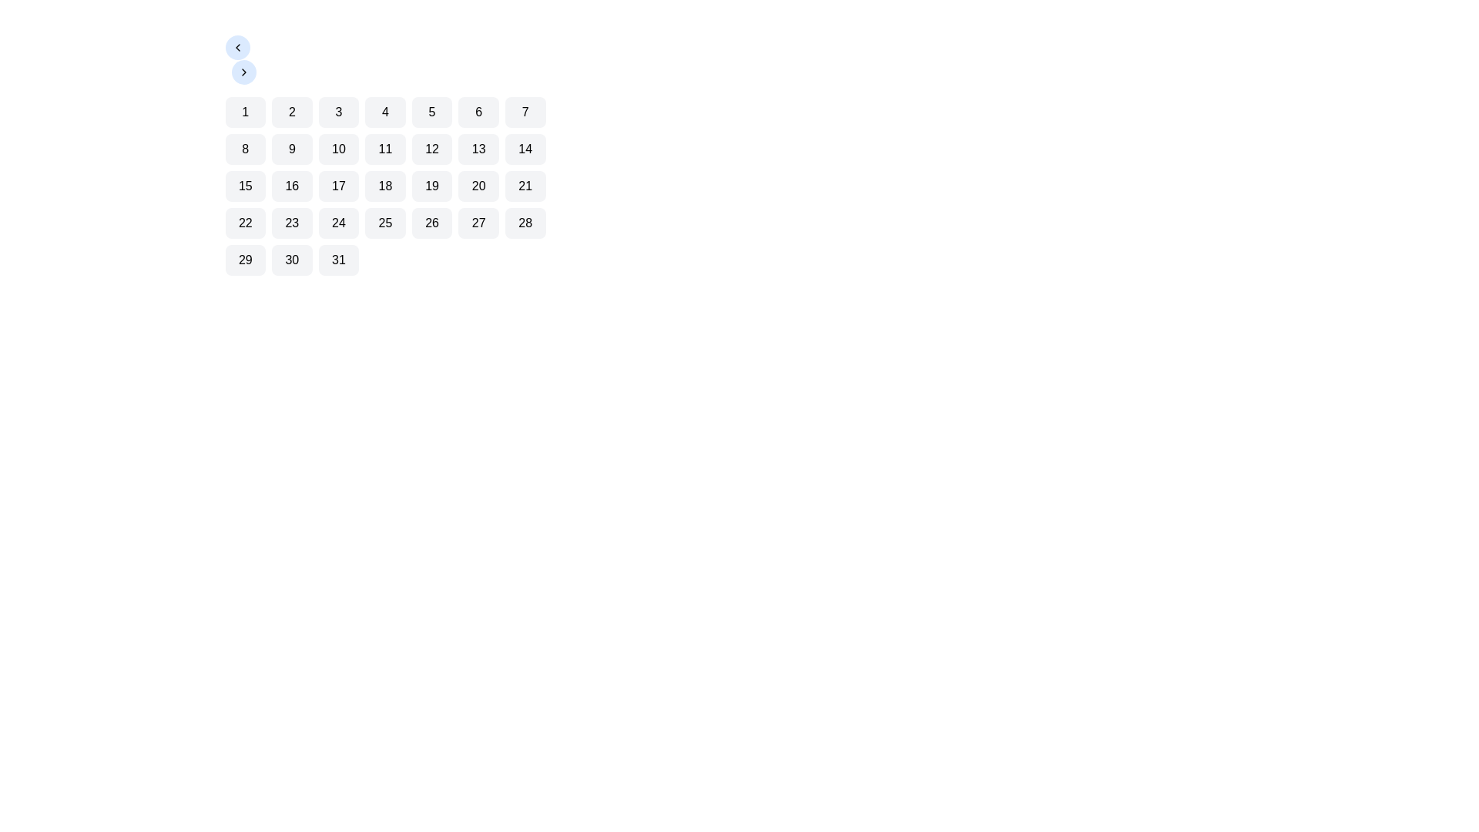 The height and width of the screenshot is (832, 1479). What do you see at coordinates (478, 186) in the screenshot?
I see `the interactive calendar day cell labeled '20'` at bounding box center [478, 186].